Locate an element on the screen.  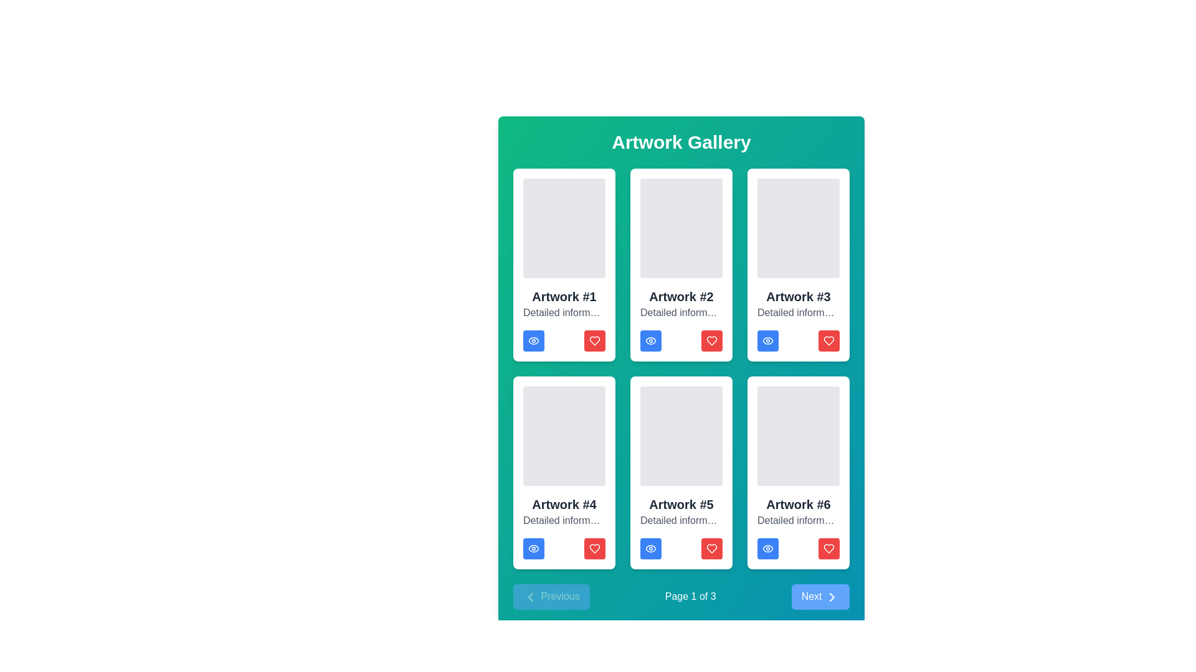
the text label displaying 'Artwork #2', which is styled with a bold, large font and is positioned below the thumbnail image in the grid layout is located at coordinates (681, 297).